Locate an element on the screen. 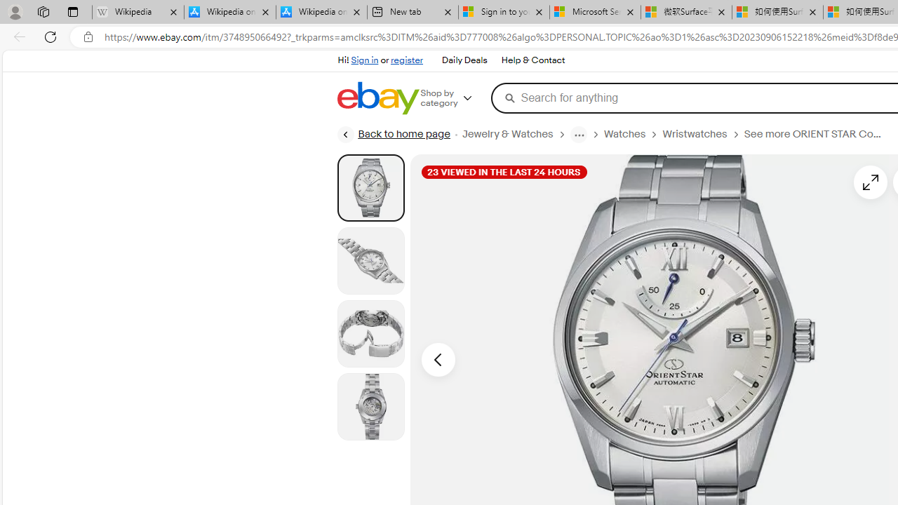 This screenshot has width=898, height=505. 'breadcrumb menu' is located at coordinates (578, 134).